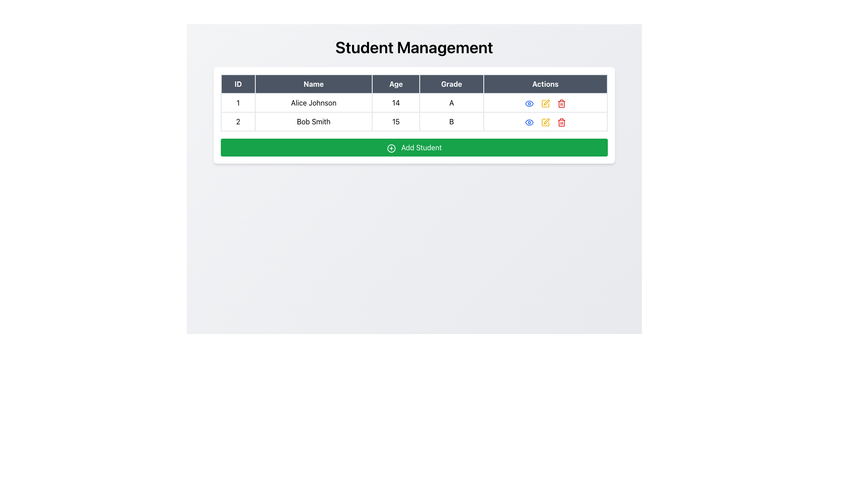  I want to click on the table cell containing the number '14' under the 'Age' column in the first row, so click(414, 111).